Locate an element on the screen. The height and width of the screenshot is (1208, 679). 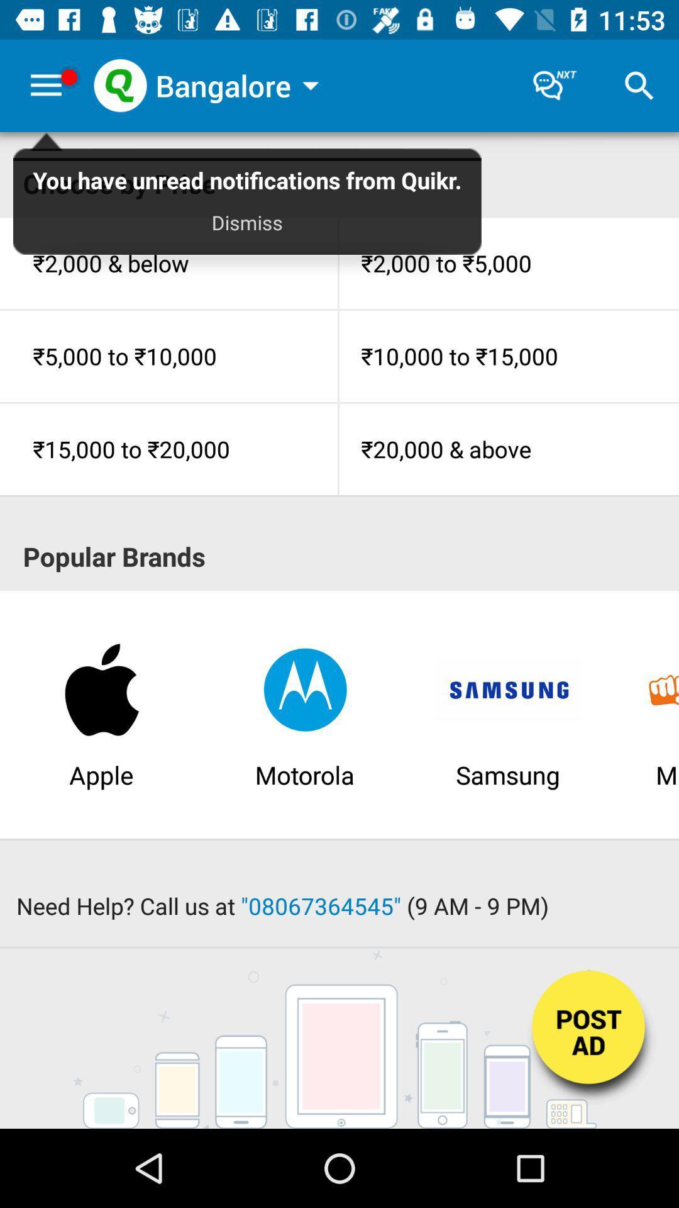
post ad is located at coordinates (590, 1039).